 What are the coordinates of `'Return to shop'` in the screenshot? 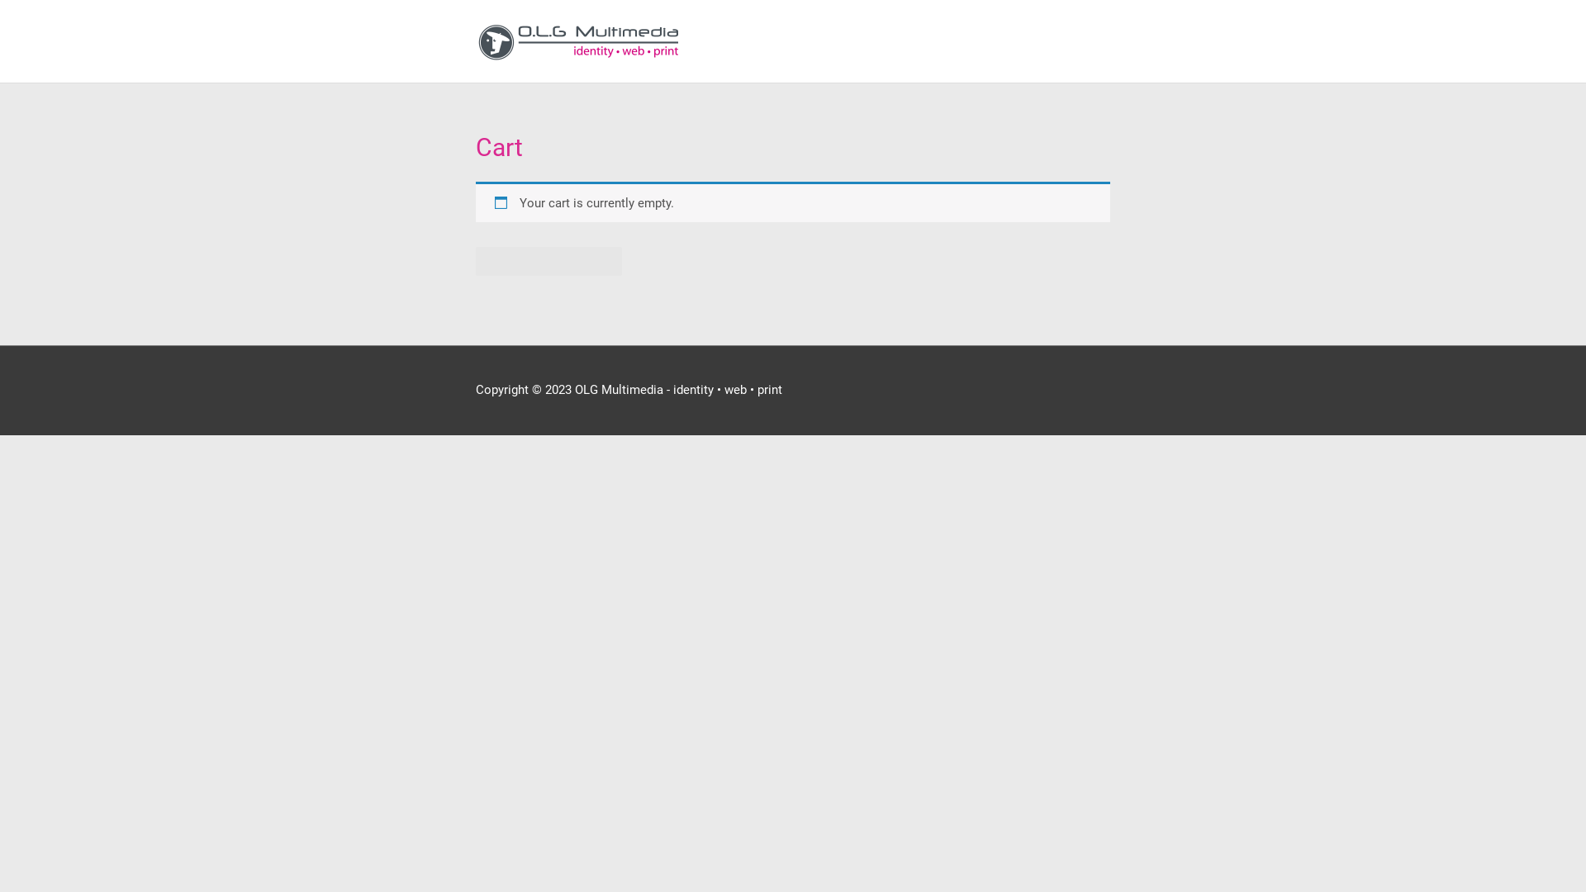 It's located at (475, 260).